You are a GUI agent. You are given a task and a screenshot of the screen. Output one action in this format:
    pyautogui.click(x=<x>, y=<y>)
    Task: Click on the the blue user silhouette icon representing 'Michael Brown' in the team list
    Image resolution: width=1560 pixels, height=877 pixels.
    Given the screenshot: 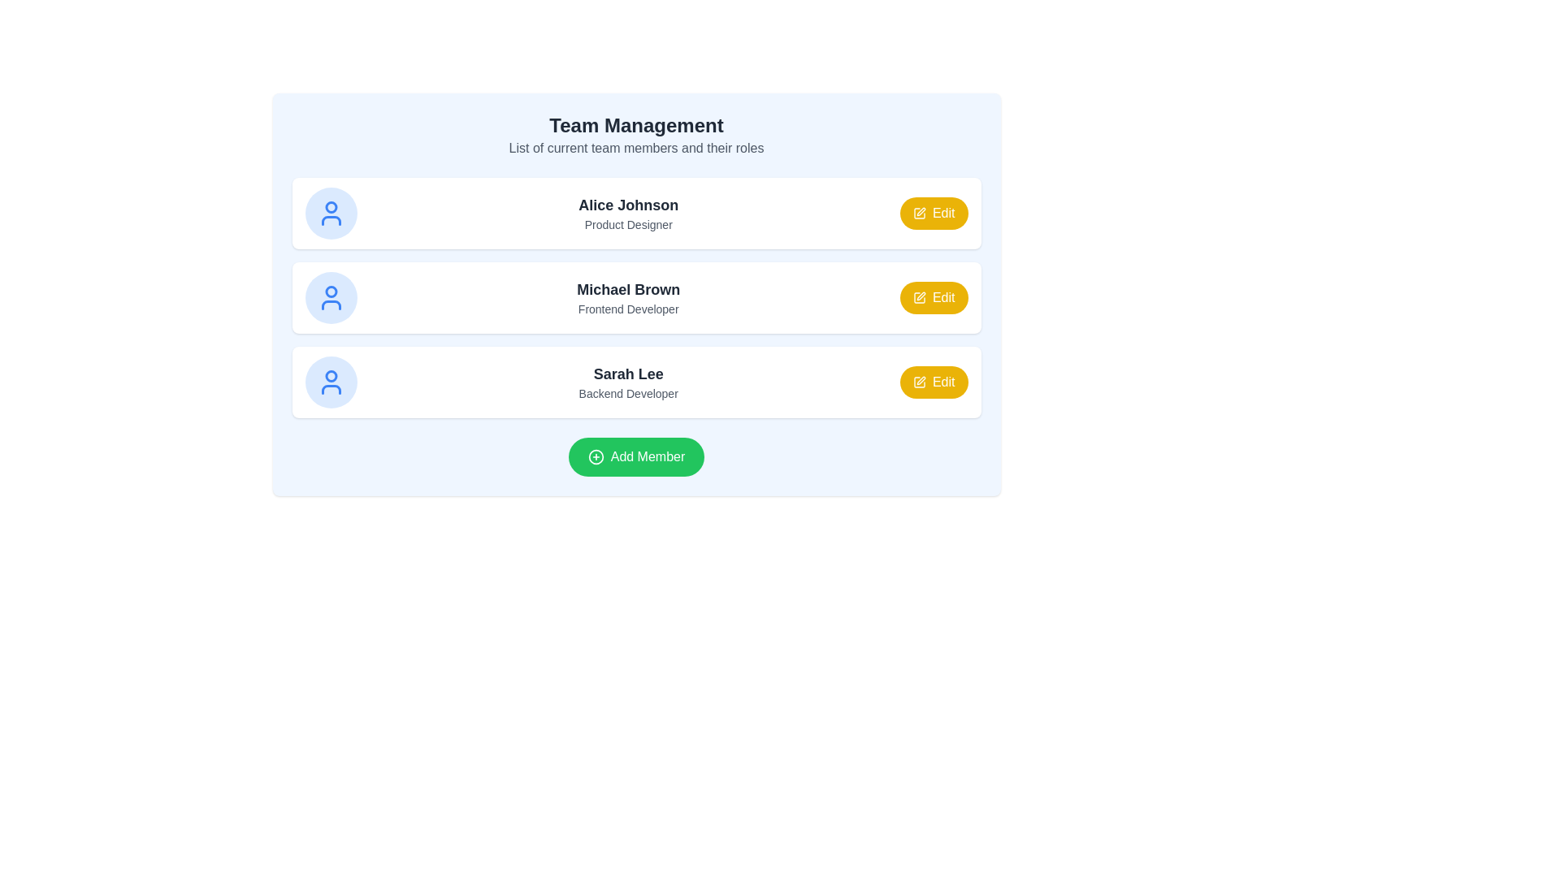 What is the action you would take?
    pyautogui.click(x=330, y=297)
    